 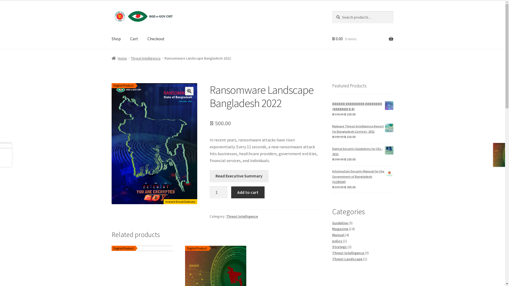 I want to click on 'Shop', so click(x=116, y=38).